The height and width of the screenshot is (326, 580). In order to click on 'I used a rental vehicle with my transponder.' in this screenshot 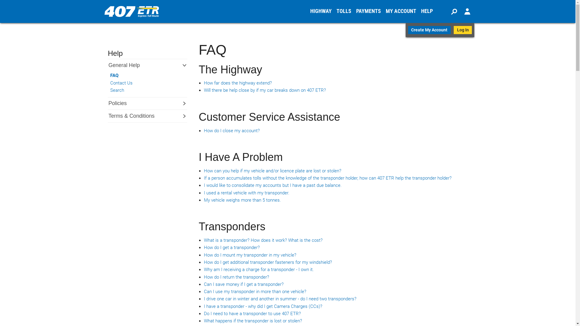, I will do `click(246, 193)`.